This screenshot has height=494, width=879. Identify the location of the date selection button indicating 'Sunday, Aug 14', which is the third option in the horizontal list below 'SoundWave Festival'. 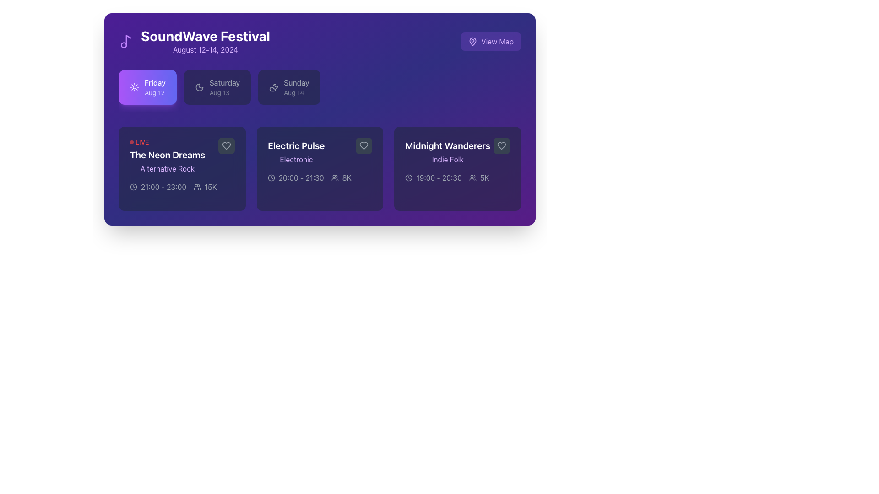
(296, 87).